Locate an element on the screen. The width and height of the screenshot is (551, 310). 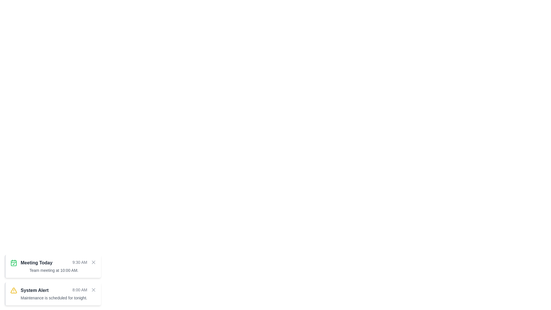
information presented in the Information Card that displays a system notification about scheduled maintenance tonight at 8:00 AM is located at coordinates (54, 294).